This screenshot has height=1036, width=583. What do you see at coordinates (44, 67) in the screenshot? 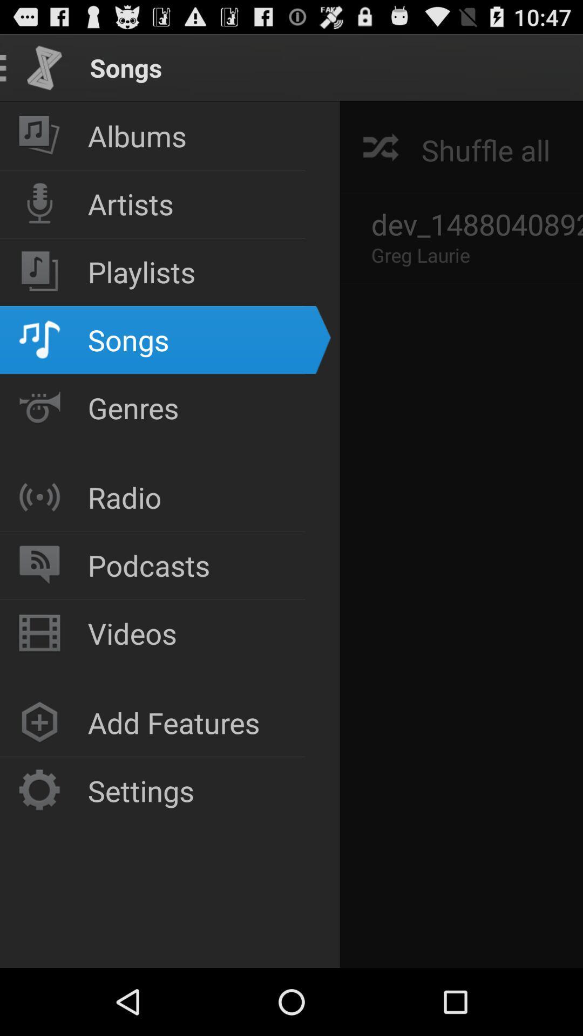
I see `the 1st icon left to the word songs` at bounding box center [44, 67].